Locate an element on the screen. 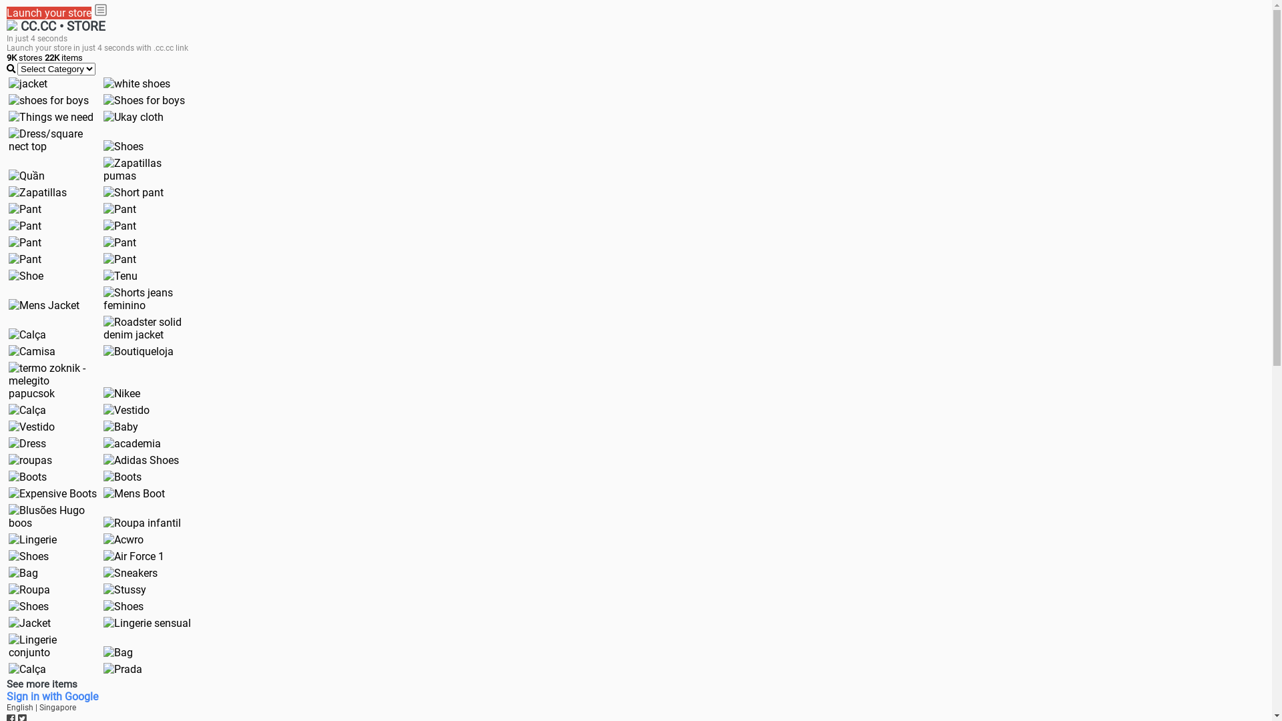  'Roupa infantil' is located at coordinates (142, 522).